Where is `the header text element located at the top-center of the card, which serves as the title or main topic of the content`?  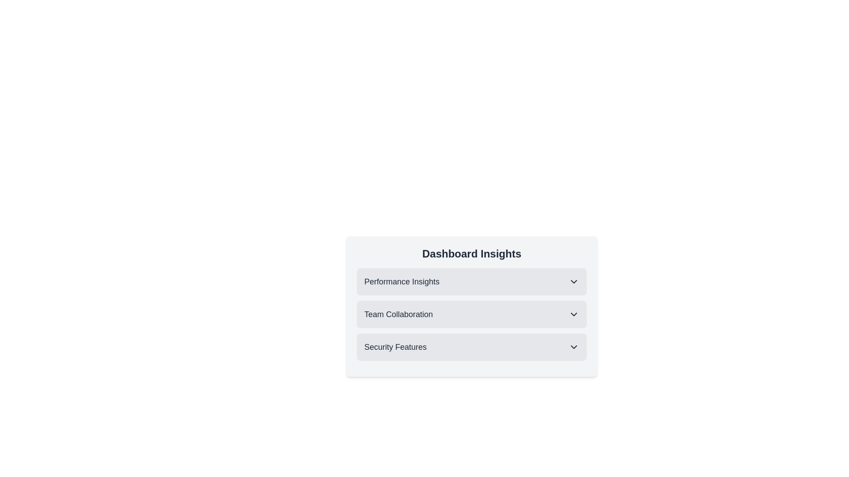 the header text element located at the top-center of the card, which serves as the title or main topic of the content is located at coordinates (471, 254).